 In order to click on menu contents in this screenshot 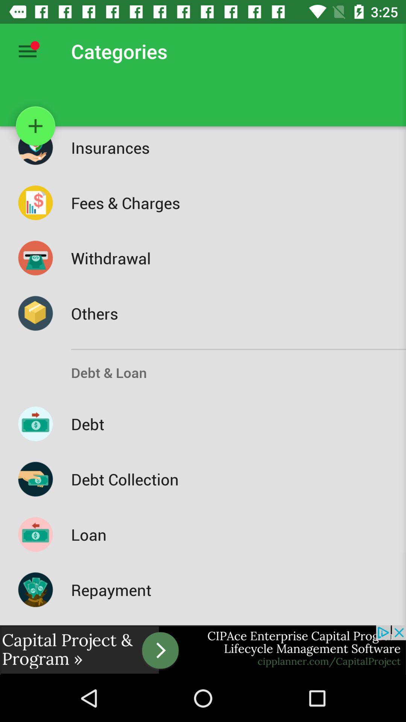, I will do `click(27, 51)`.